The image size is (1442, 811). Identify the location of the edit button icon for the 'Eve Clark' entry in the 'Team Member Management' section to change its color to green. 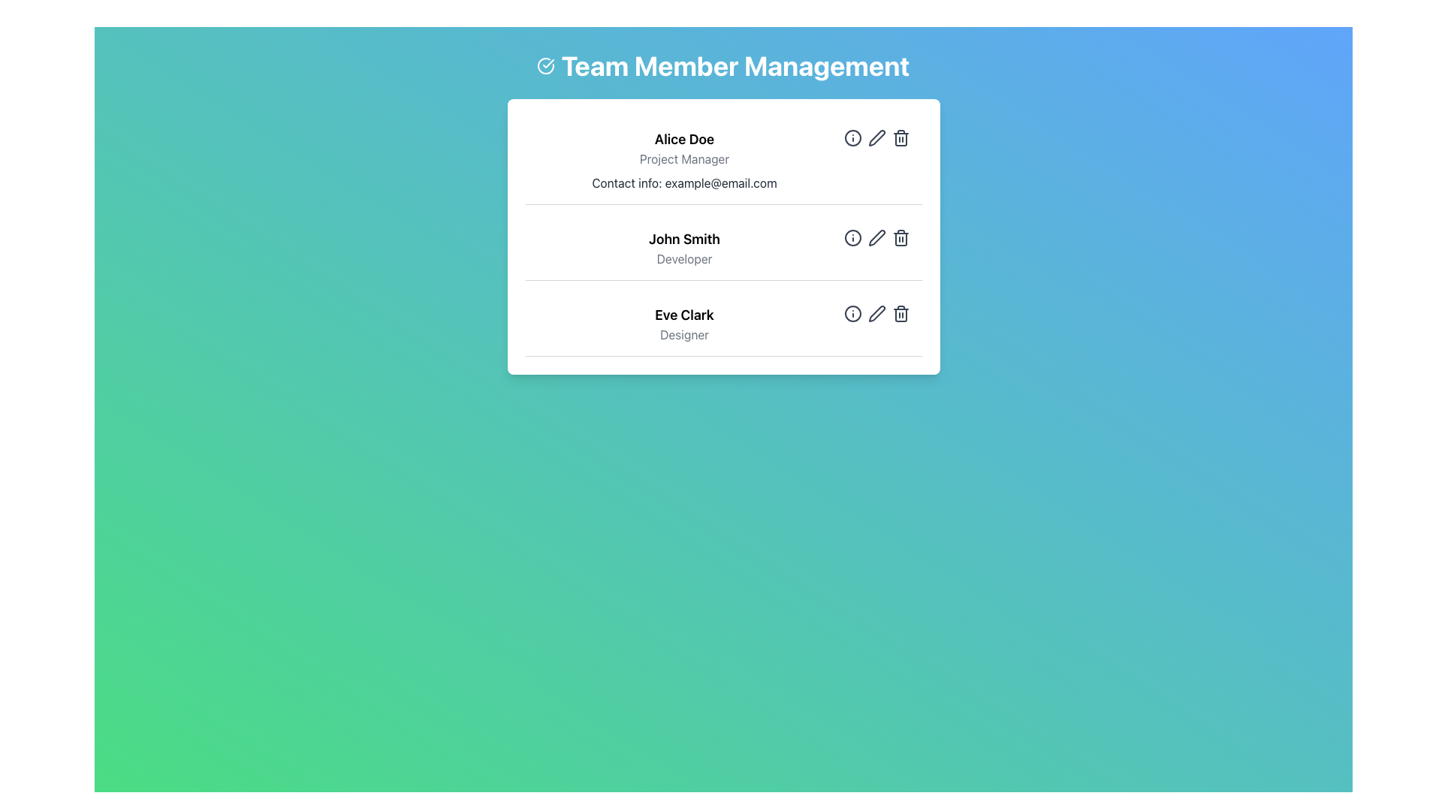
(876, 312).